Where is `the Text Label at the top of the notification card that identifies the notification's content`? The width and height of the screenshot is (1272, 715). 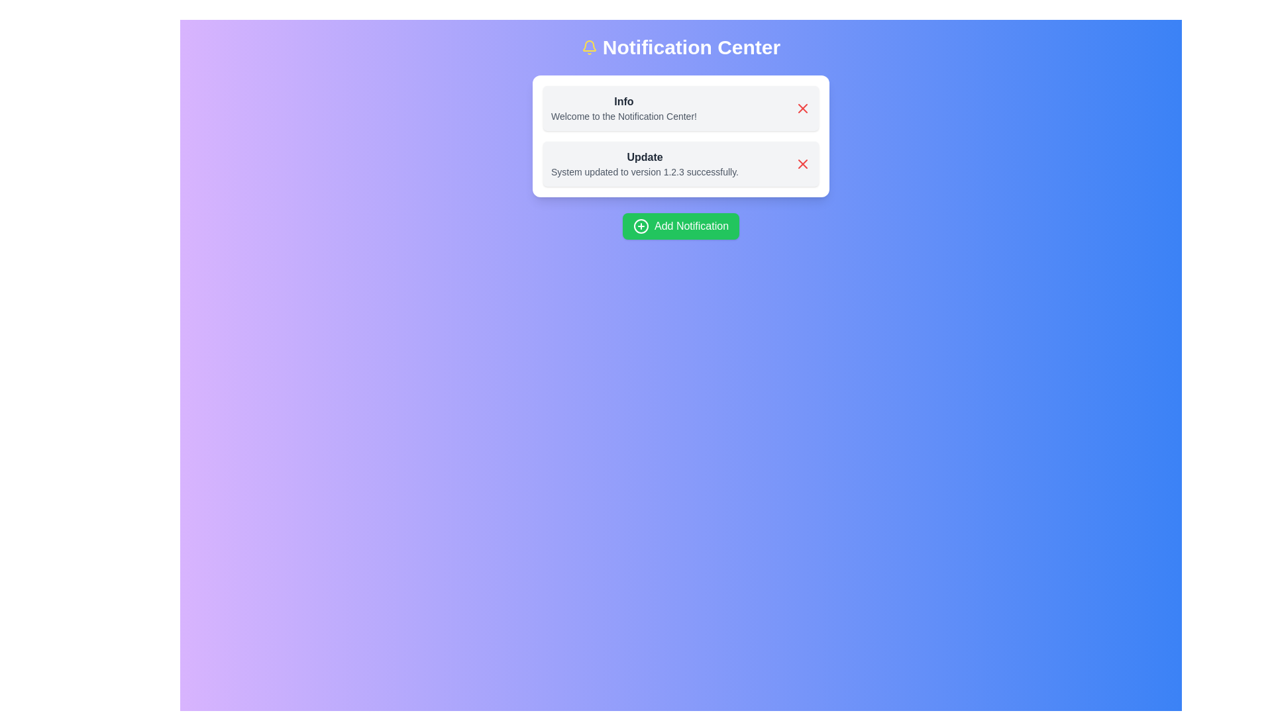 the Text Label at the top of the notification card that identifies the notification's content is located at coordinates (645, 157).